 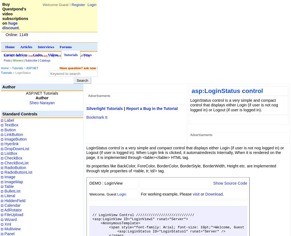 What do you see at coordinates (6, 223) in the screenshot?
I see `'◘ Xml'` at bounding box center [6, 223].